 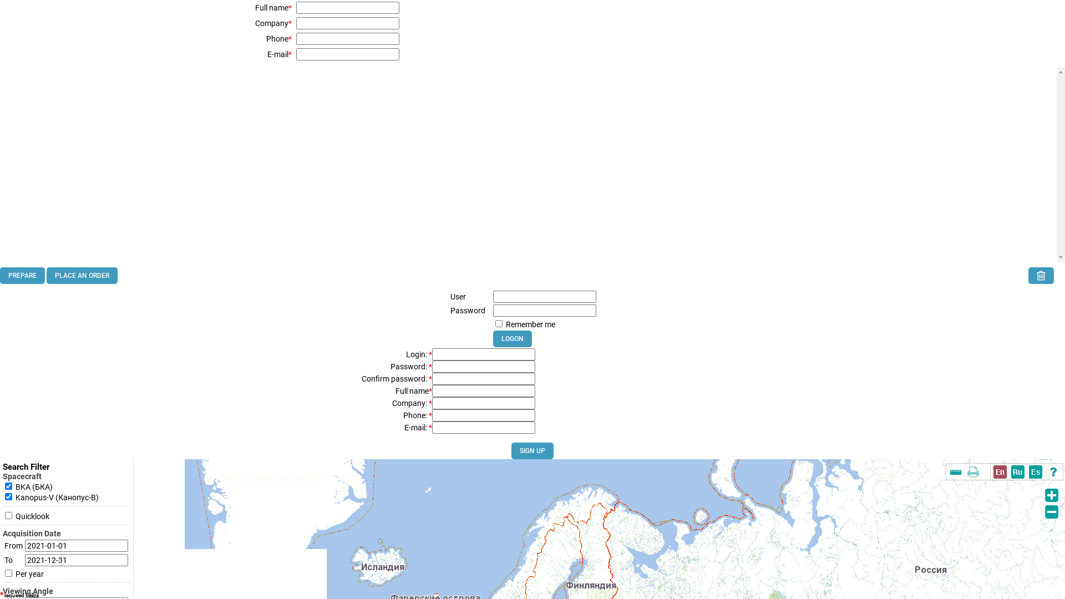 What do you see at coordinates (510, 451) in the screenshot?
I see `'Sign up'` at bounding box center [510, 451].